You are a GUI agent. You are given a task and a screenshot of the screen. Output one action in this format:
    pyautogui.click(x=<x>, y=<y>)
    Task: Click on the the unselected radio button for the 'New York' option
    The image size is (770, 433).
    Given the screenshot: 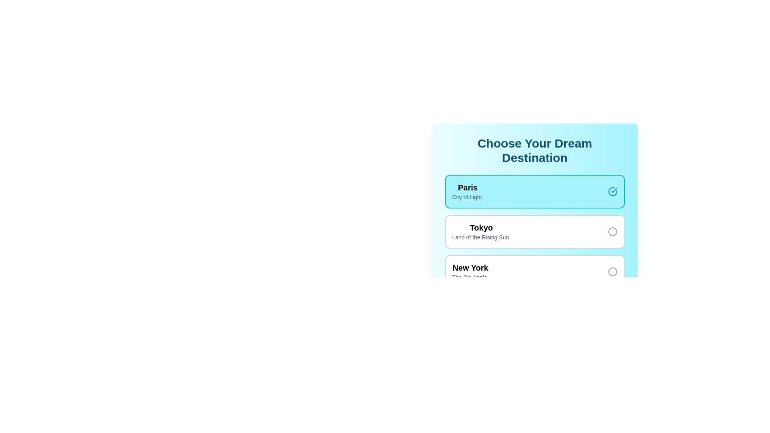 What is the action you would take?
    pyautogui.click(x=612, y=271)
    